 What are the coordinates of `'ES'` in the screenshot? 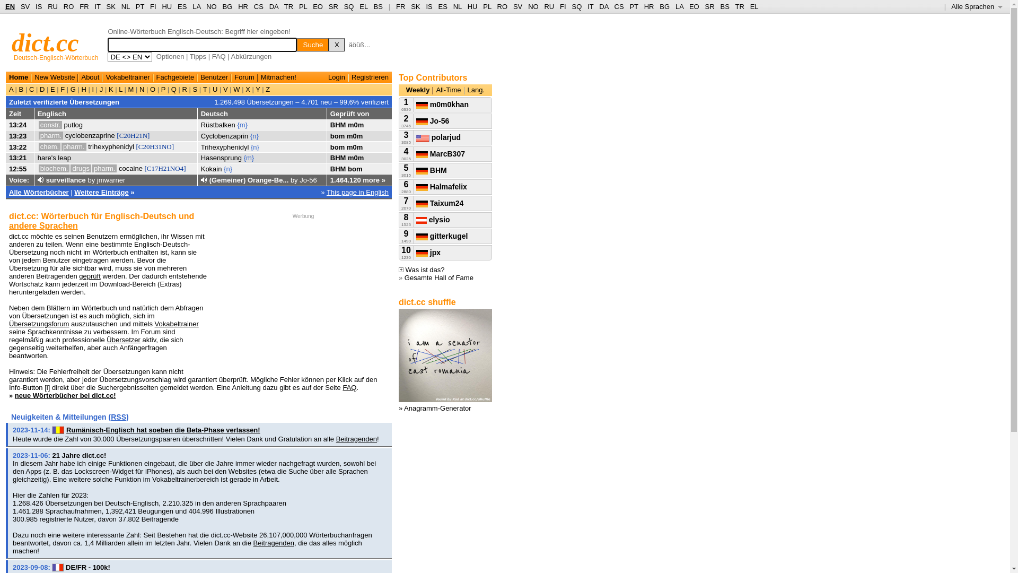 It's located at (443, 6).